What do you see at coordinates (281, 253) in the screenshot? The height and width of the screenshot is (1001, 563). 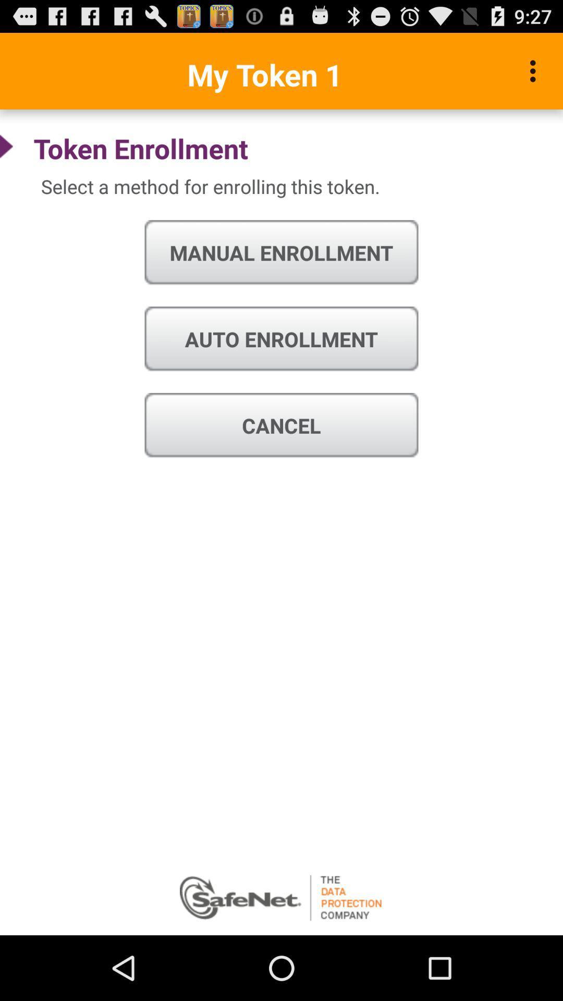 I see `manual enrollment item` at bounding box center [281, 253].